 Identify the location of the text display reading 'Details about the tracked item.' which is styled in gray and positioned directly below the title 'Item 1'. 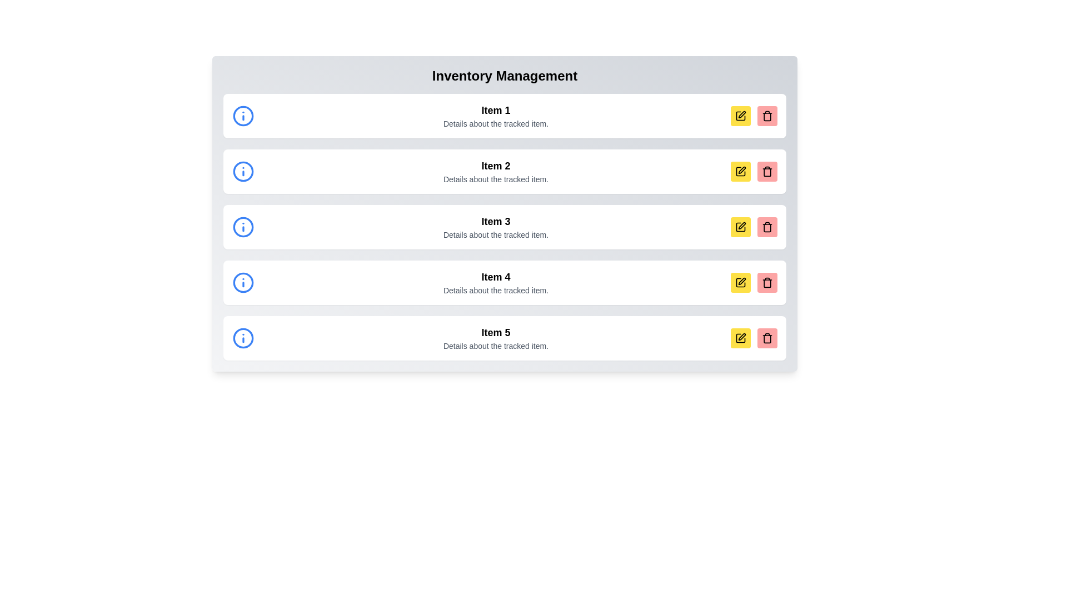
(495, 124).